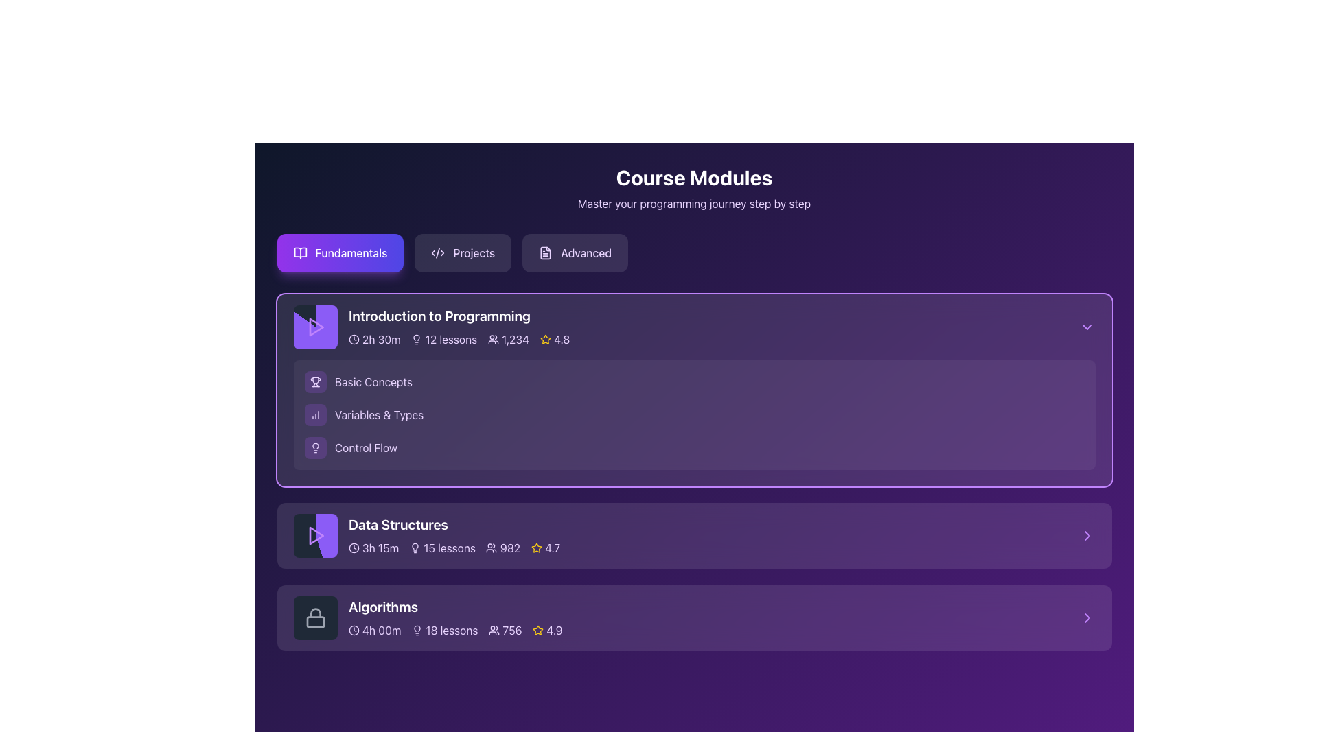 The height and width of the screenshot is (741, 1318). What do you see at coordinates (445, 630) in the screenshot?
I see `the label with icon that indicates the number of lessons available in the 'Algorithms' course, which is the second item in the horizontal list of course information` at bounding box center [445, 630].